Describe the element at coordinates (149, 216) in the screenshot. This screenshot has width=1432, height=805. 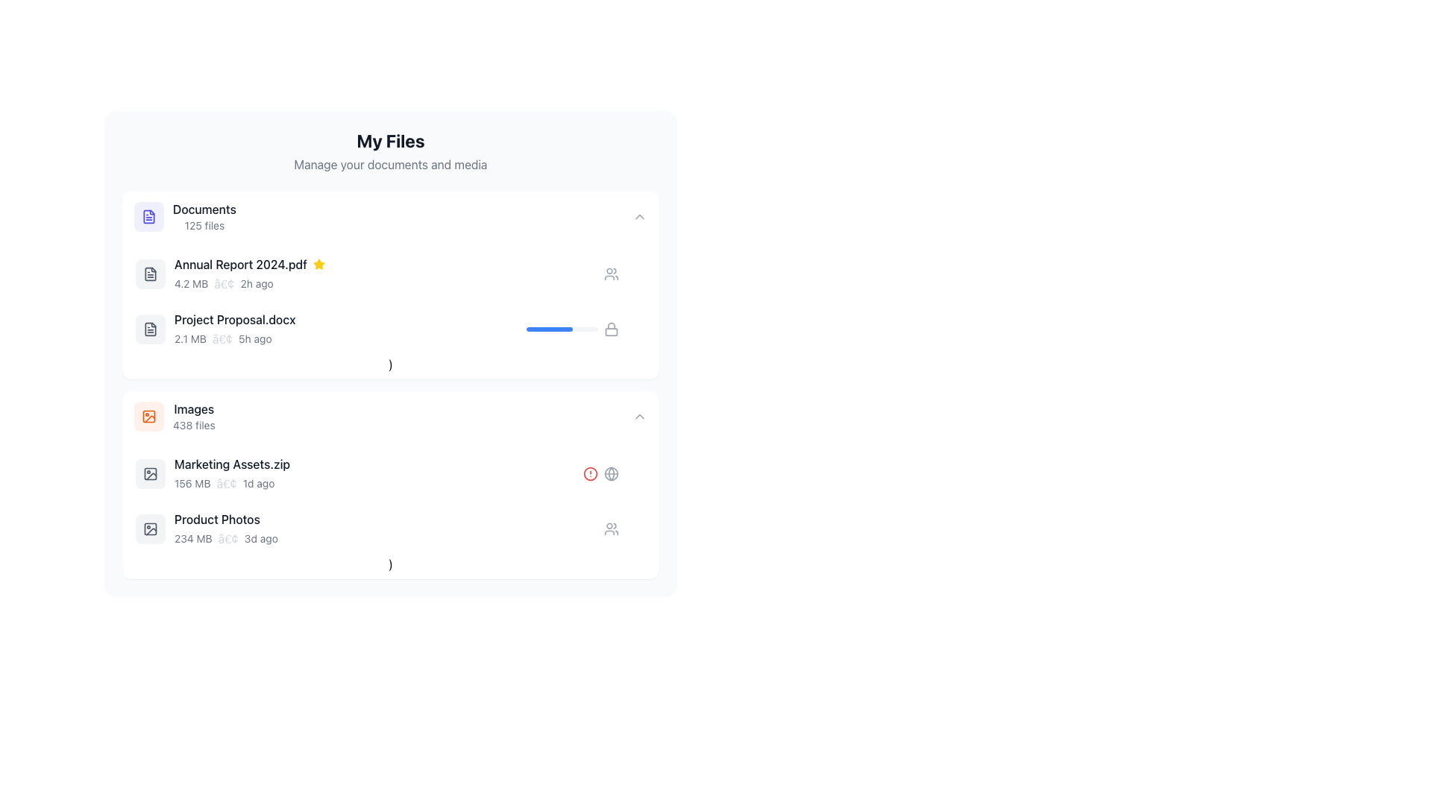
I see `the primary icon representing the 'Documents' section located in the top left of the interface` at that location.